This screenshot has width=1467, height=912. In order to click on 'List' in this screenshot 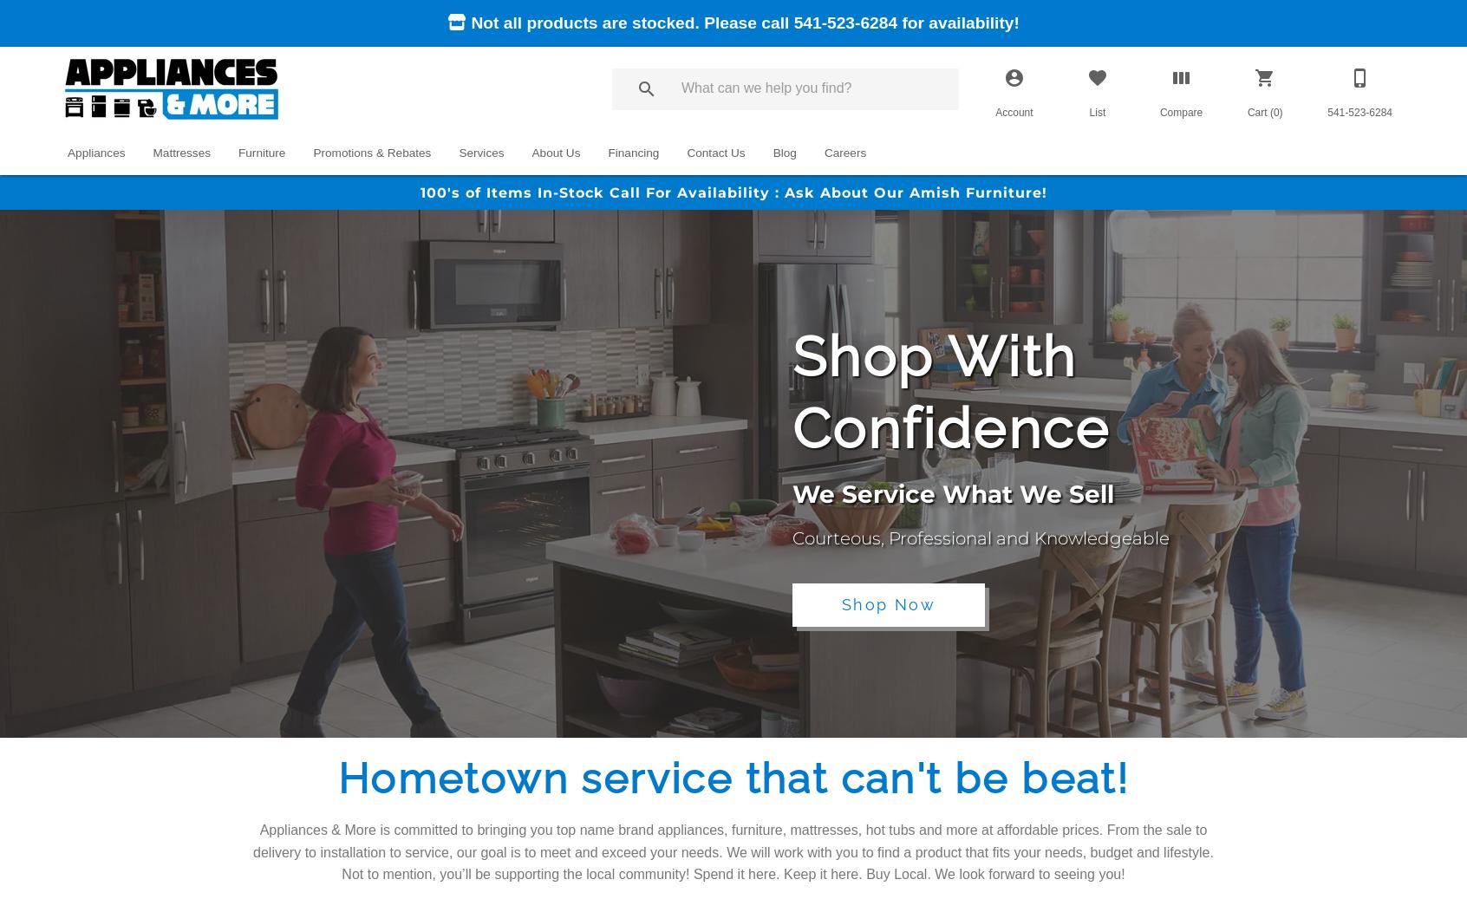, I will do `click(1097, 113)`.